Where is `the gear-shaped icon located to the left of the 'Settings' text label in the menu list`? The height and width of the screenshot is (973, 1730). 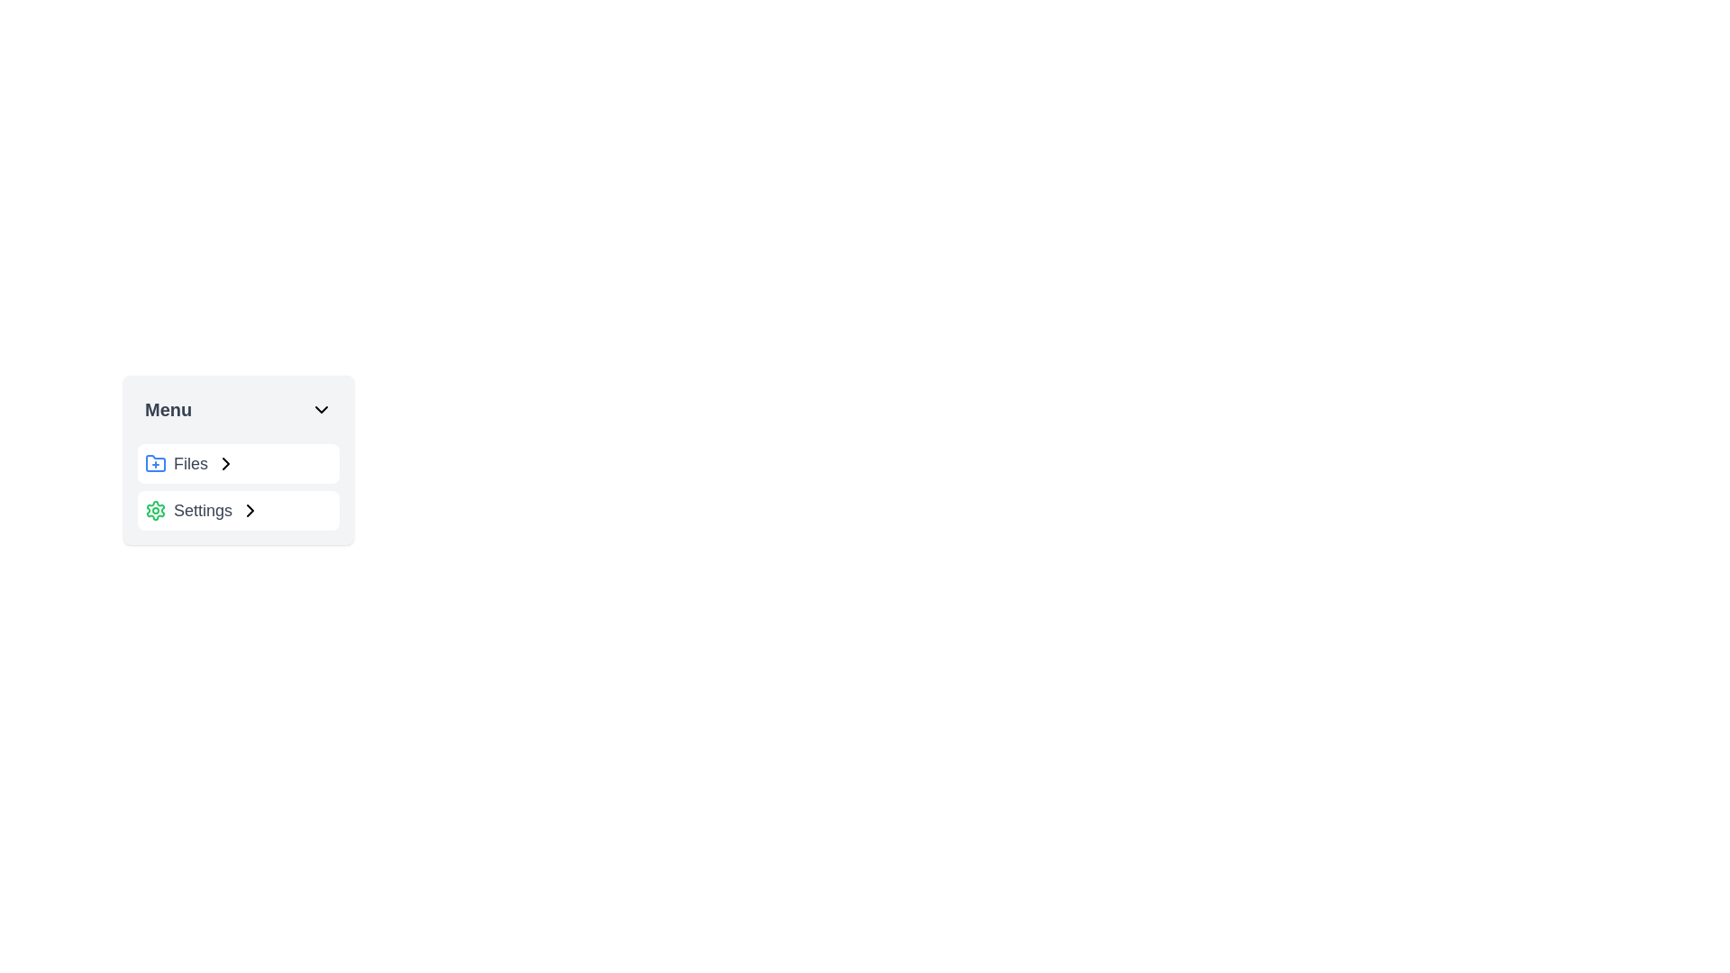 the gear-shaped icon located to the left of the 'Settings' text label in the menu list is located at coordinates (155, 511).